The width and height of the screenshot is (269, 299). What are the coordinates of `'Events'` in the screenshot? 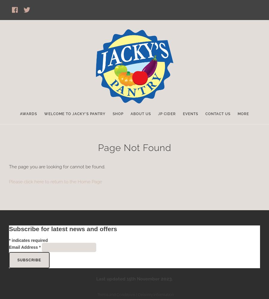 It's located at (183, 114).